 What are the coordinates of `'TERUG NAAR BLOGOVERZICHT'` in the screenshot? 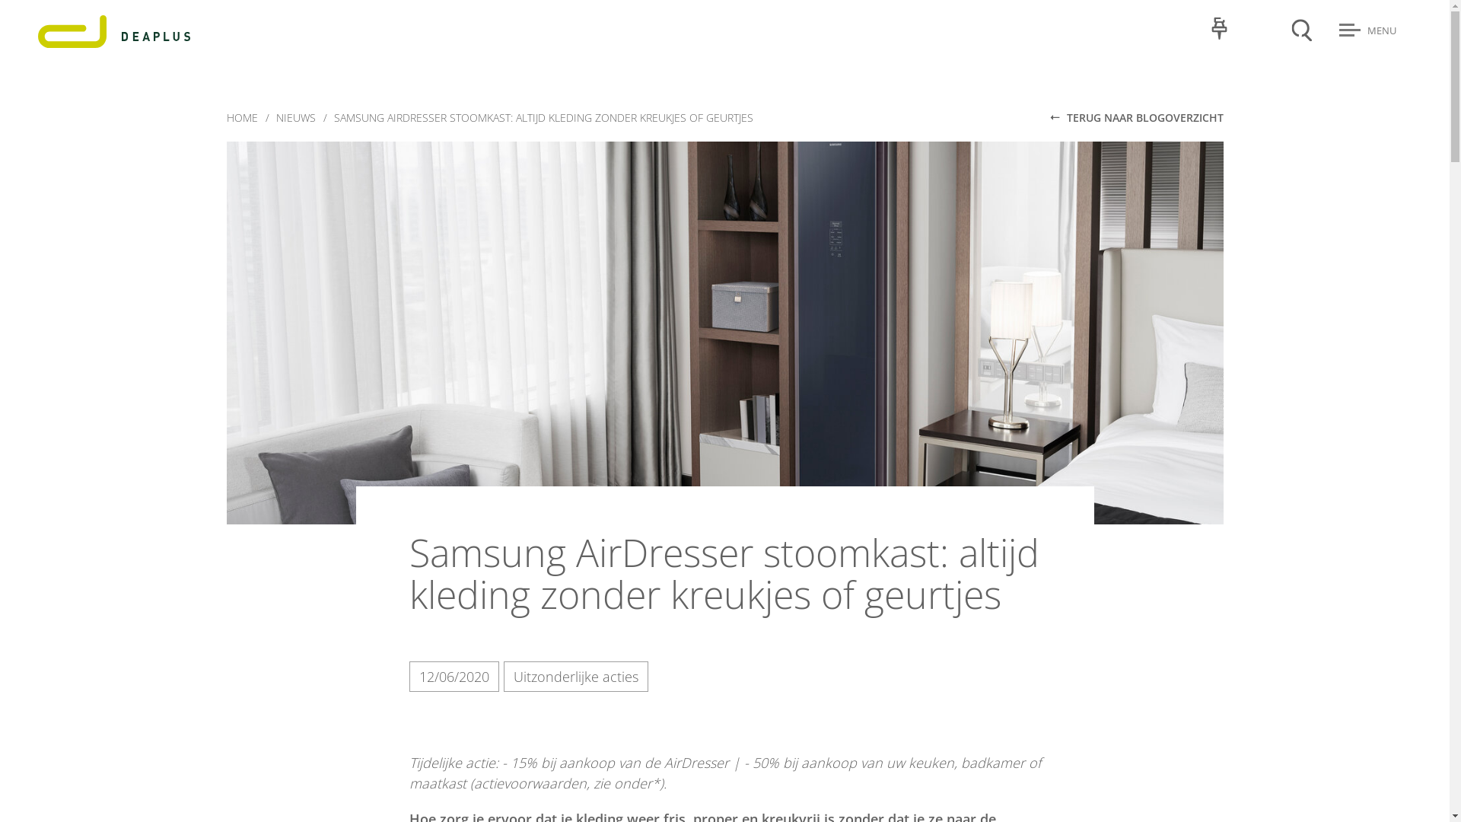 It's located at (1138, 116).